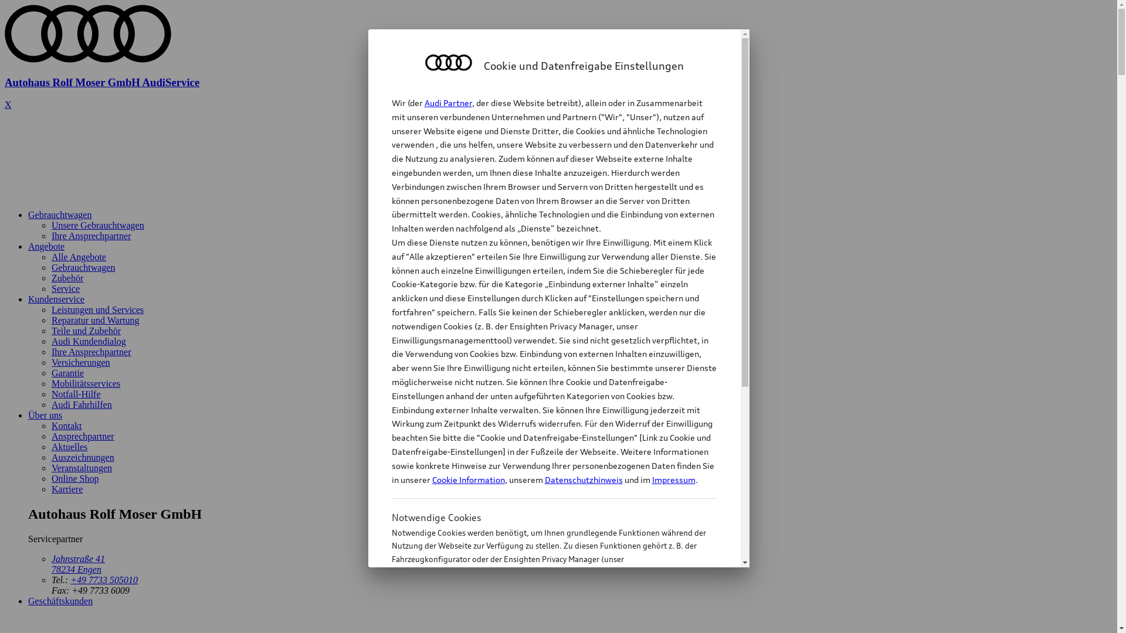 This screenshot has height=633, width=1126. I want to click on 'Autohaus Rolf Moser GmbH AudiService', so click(558, 72).